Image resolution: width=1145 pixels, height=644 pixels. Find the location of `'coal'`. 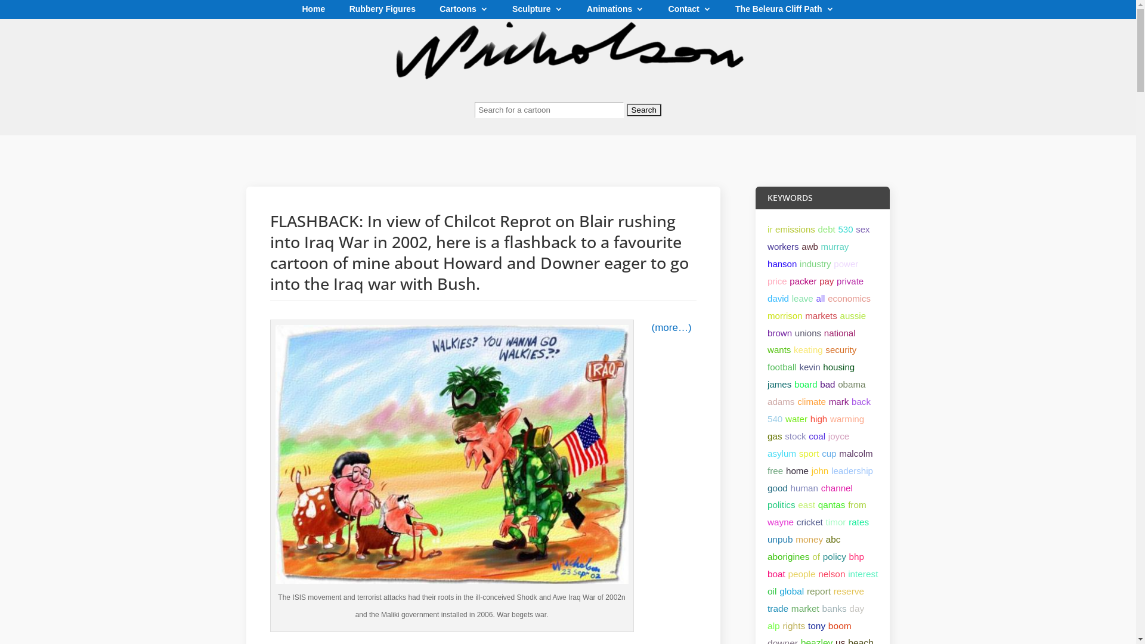

'coal' is located at coordinates (816, 436).